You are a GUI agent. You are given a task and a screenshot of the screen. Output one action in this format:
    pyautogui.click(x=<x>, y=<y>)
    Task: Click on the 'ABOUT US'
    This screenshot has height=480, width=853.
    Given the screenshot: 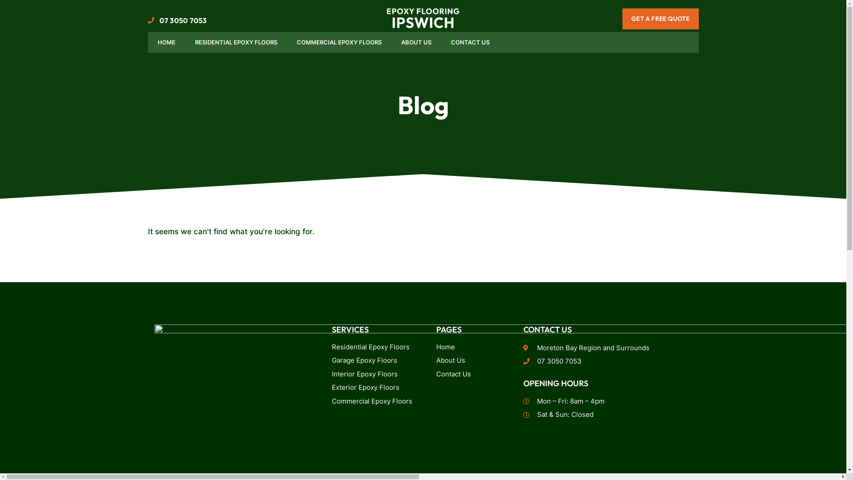 What is the action you would take?
    pyautogui.click(x=415, y=43)
    